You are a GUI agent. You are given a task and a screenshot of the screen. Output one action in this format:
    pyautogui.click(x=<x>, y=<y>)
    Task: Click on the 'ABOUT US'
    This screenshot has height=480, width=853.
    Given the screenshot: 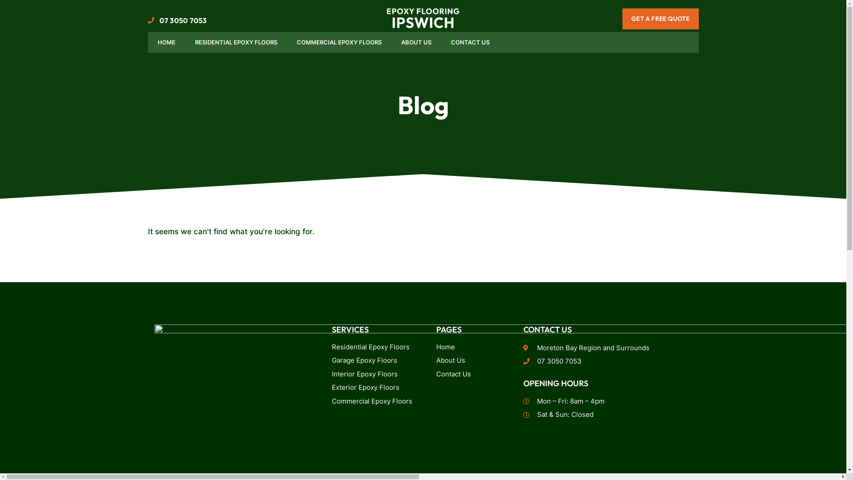 What is the action you would take?
    pyautogui.click(x=415, y=43)
    